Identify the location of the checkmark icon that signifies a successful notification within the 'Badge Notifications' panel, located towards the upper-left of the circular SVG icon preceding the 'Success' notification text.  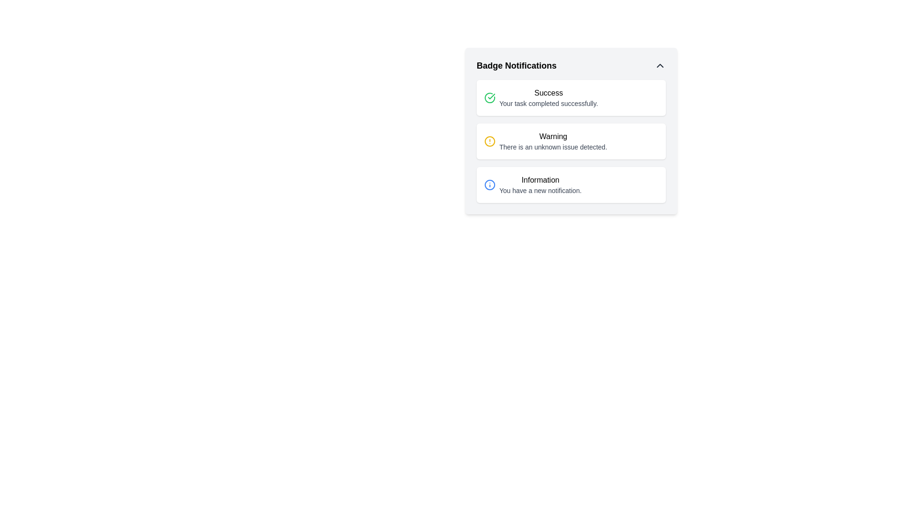
(491, 97).